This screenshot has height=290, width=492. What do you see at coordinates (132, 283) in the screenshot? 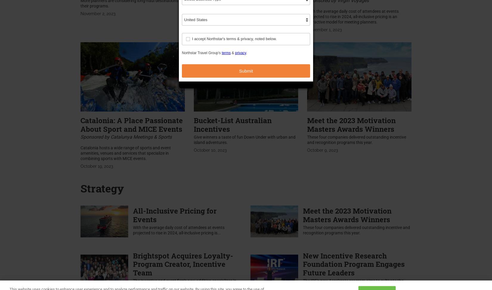
I see `'The incentive and event firm's new addition specializes in creating motivation programs for the...'` at bounding box center [132, 283].